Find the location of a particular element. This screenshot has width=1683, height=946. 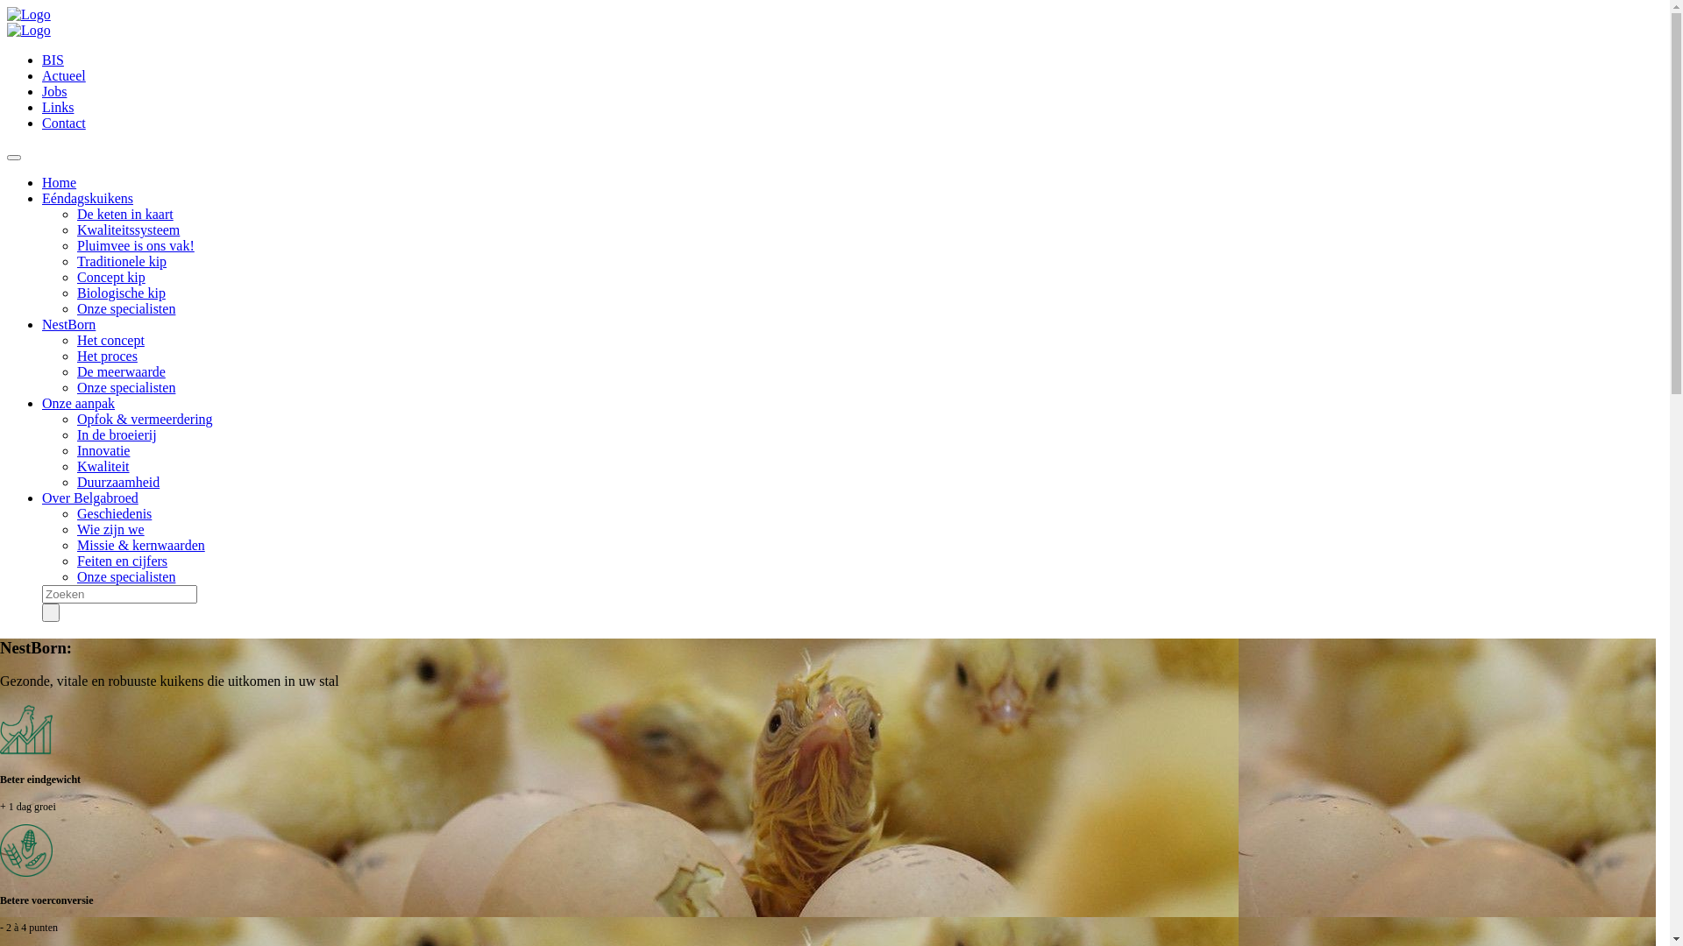

'Duurzaamheid' is located at coordinates (117, 482).